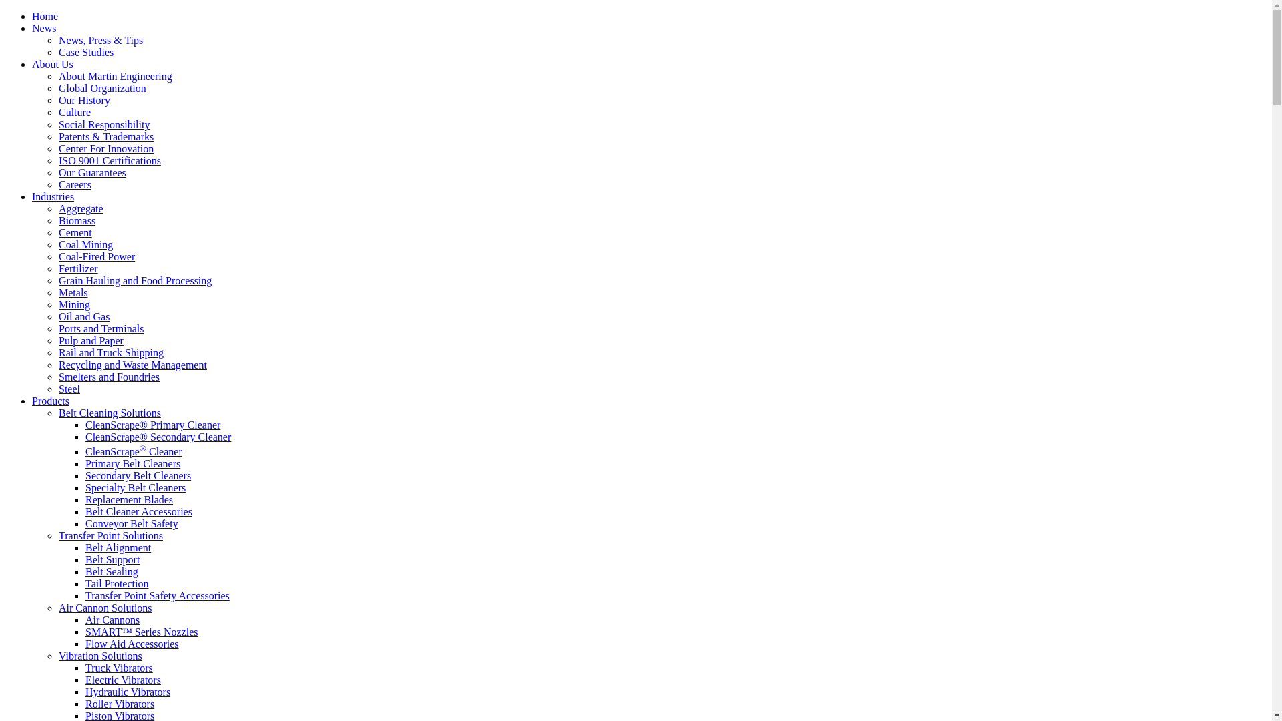  What do you see at coordinates (57, 39) in the screenshot?
I see `'News, Press & Tips'` at bounding box center [57, 39].